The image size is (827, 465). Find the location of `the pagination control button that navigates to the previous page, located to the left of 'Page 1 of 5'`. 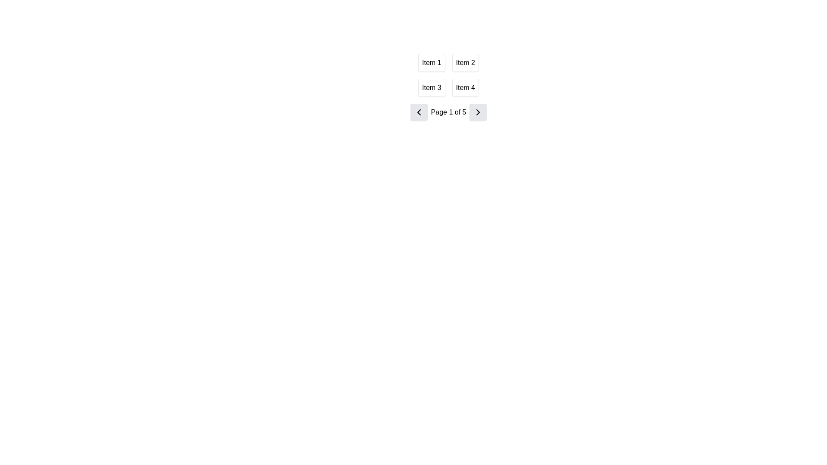

the pagination control button that navigates to the previous page, located to the left of 'Page 1 of 5' is located at coordinates (419, 112).